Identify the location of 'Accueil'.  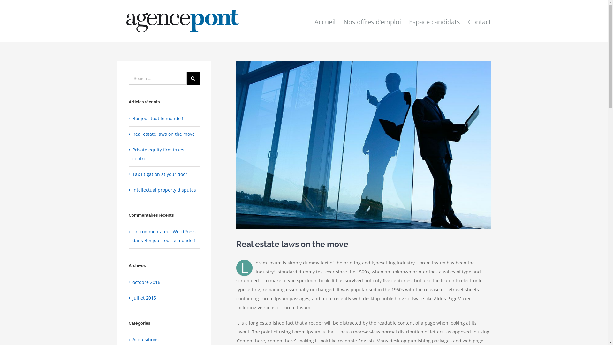
(325, 20).